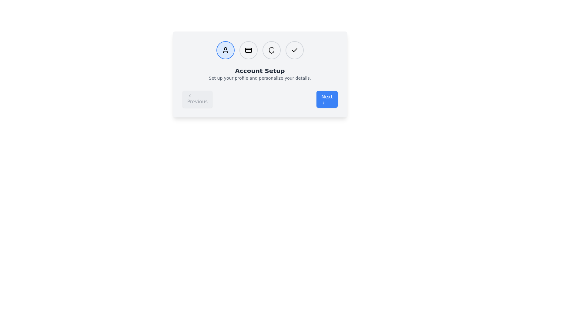  I want to click on the circular icon with a gray border and a centered black checkmark symbol, so click(294, 50).